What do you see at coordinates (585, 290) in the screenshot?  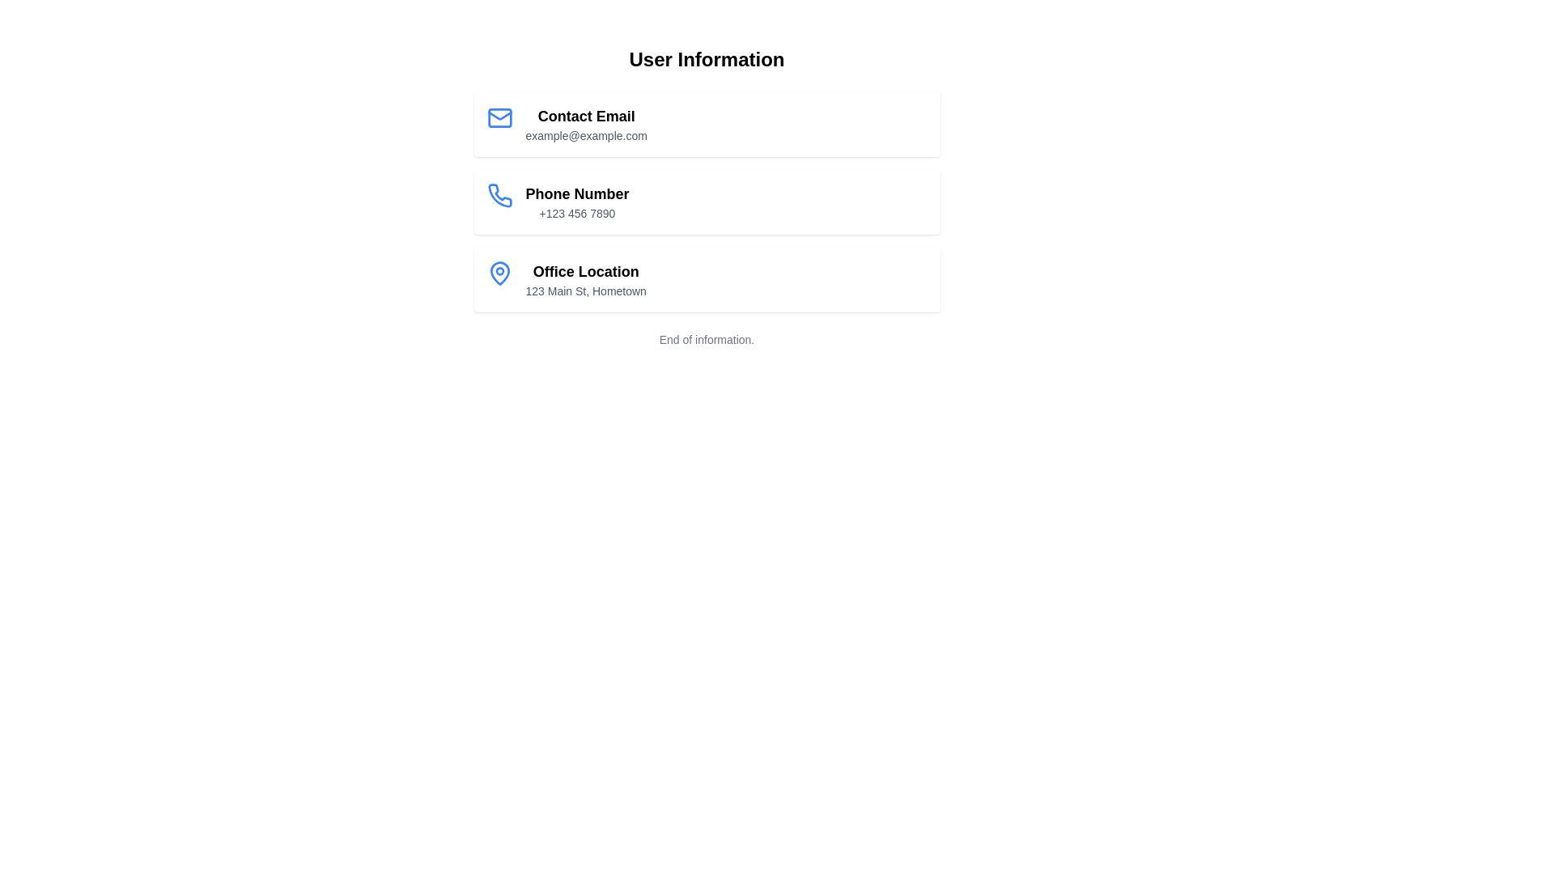 I see `static text displaying '123 Main St, Hometown', which is located beneath the header 'Office Location' in the 'User Information' section` at bounding box center [585, 290].